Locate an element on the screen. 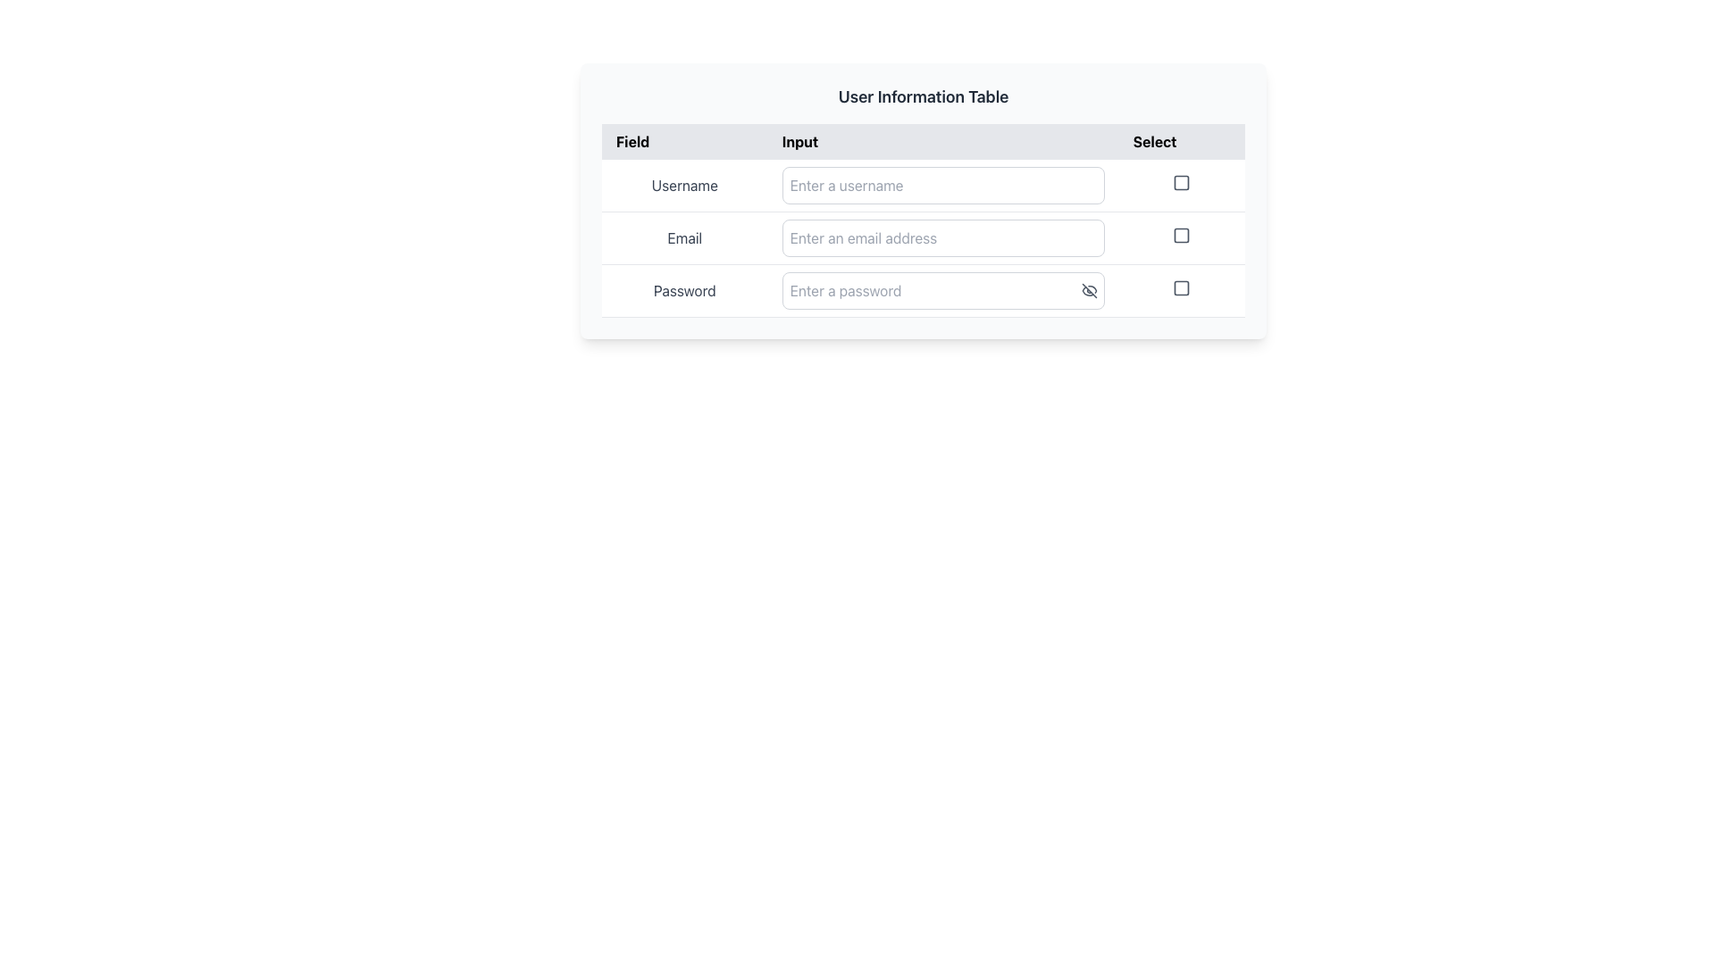 The width and height of the screenshot is (1715, 964). the square-shaped button with a hollow center and dark gray outline located to the right of the 'Enter an email address' input field in the 'User Information Table' is located at coordinates (1182, 234).